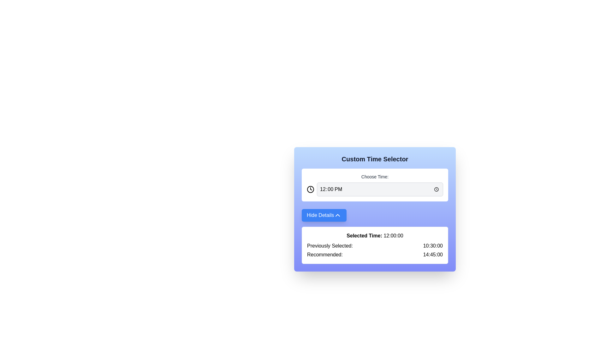 This screenshot has height=341, width=606. Describe the element at coordinates (380, 189) in the screenshot. I see `the time field` at that location.